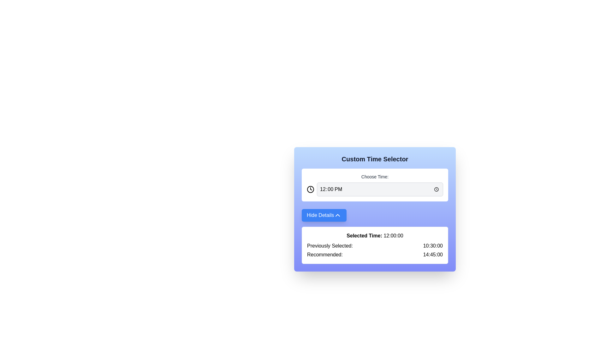 This screenshot has height=341, width=606. Describe the element at coordinates (380, 189) in the screenshot. I see `the time field` at that location.